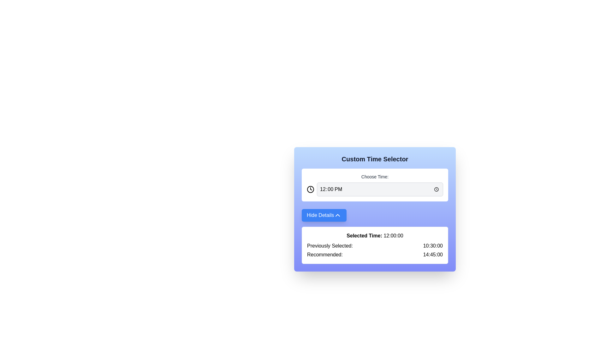 This screenshot has height=341, width=606. Describe the element at coordinates (380, 189) in the screenshot. I see `the time field` at that location.